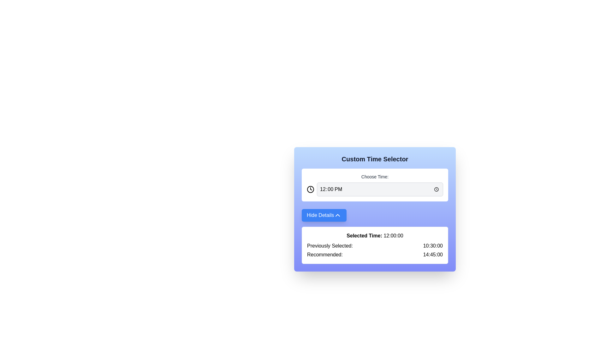 This screenshot has height=341, width=606. Describe the element at coordinates (380, 189) in the screenshot. I see `the time field` at that location.